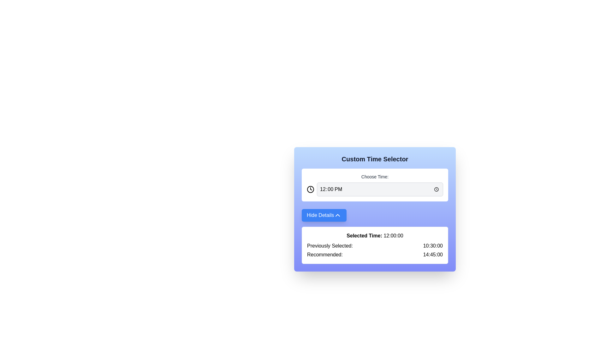 This screenshot has height=341, width=606. Describe the element at coordinates (380, 189) in the screenshot. I see `the time field` at that location.